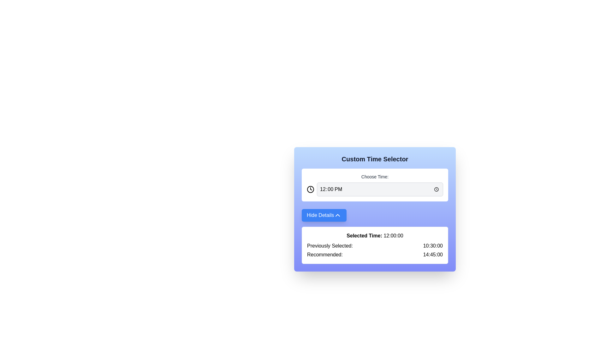 This screenshot has height=341, width=606. Describe the element at coordinates (380, 189) in the screenshot. I see `the time field` at that location.